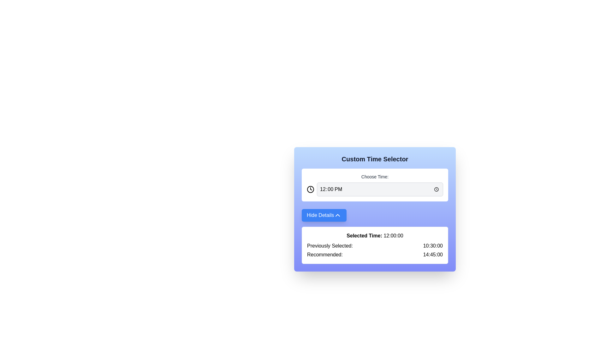 This screenshot has height=341, width=606. Describe the element at coordinates (380, 189) in the screenshot. I see `the time field` at that location.